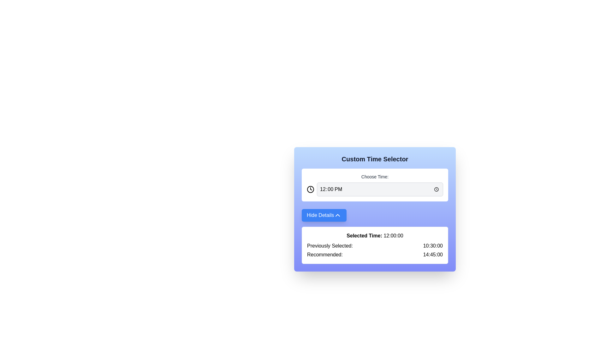 This screenshot has height=341, width=606. Describe the element at coordinates (380, 189) in the screenshot. I see `the time field` at that location.